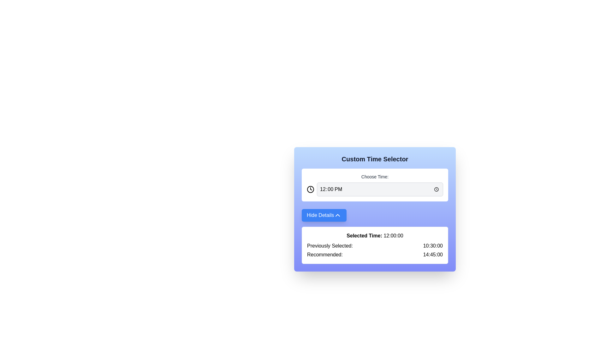 This screenshot has height=341, width=606. Describe the element at coordinates (380, 189) in the screenshot. I see `the time field` at that location.